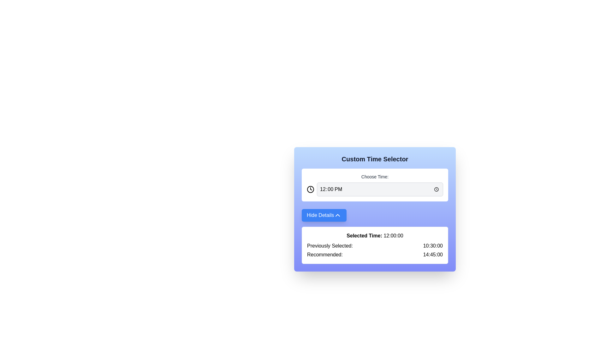 This screenshot has height=341, width=606. Describe the element at coordinates (380, 189) in the screenshot. I see `the time field` at that location.